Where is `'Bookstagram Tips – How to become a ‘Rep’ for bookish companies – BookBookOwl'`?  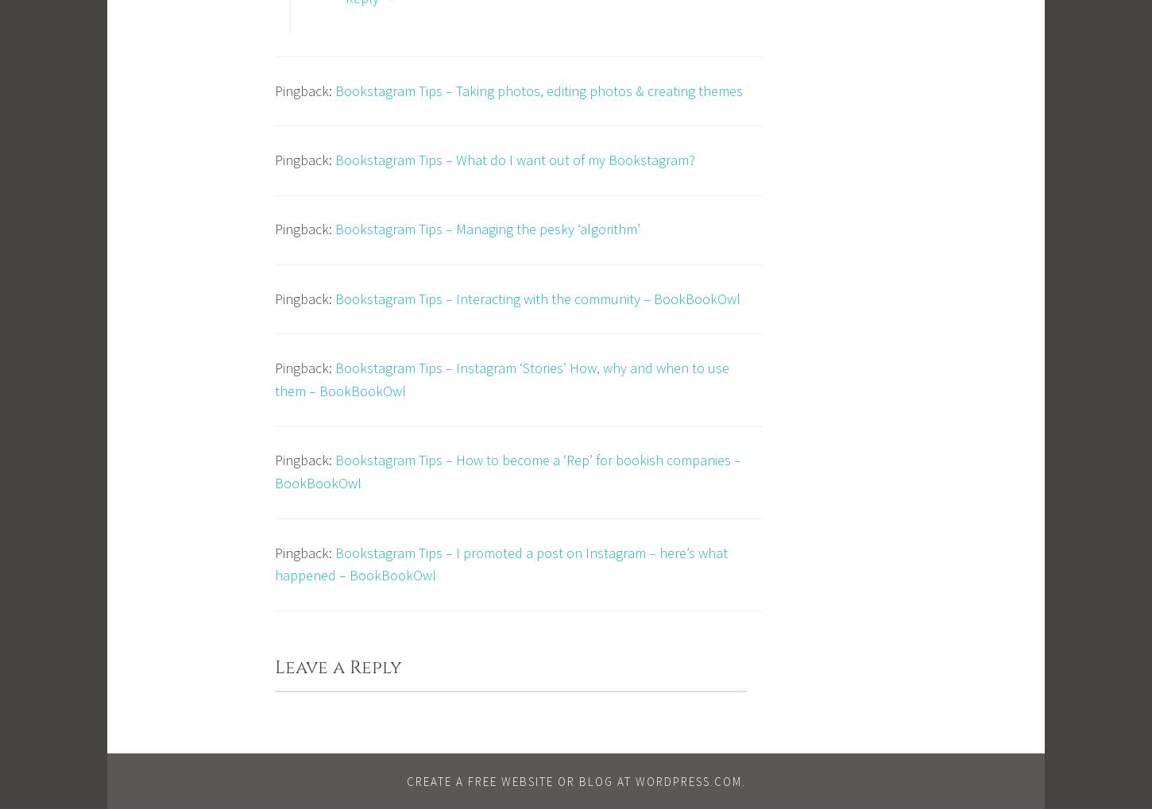
'Bookstagram Tips – How to become a ‘Rep’ for bookish companies – BookBookOwl' is located at coordinates (274, 470).